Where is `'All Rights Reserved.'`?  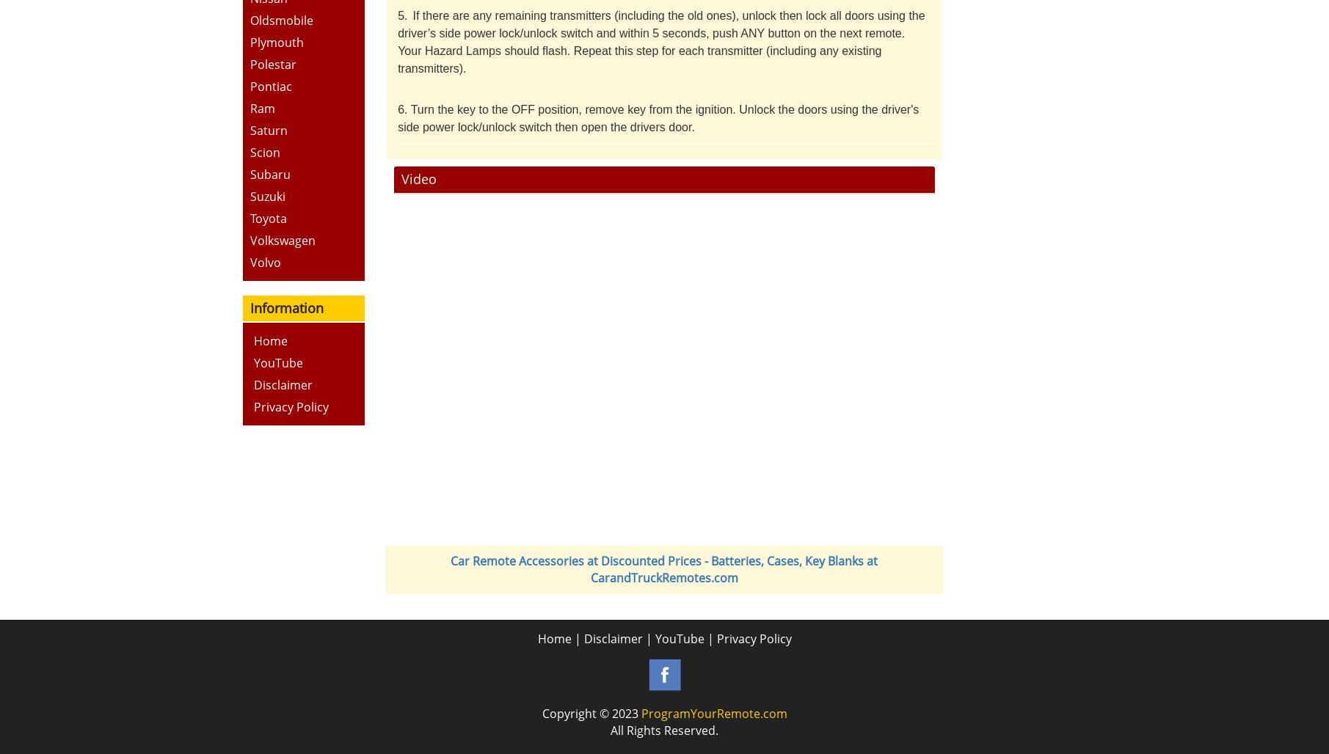
'All Rights Reserved.' is located at coordinates (610, 729).